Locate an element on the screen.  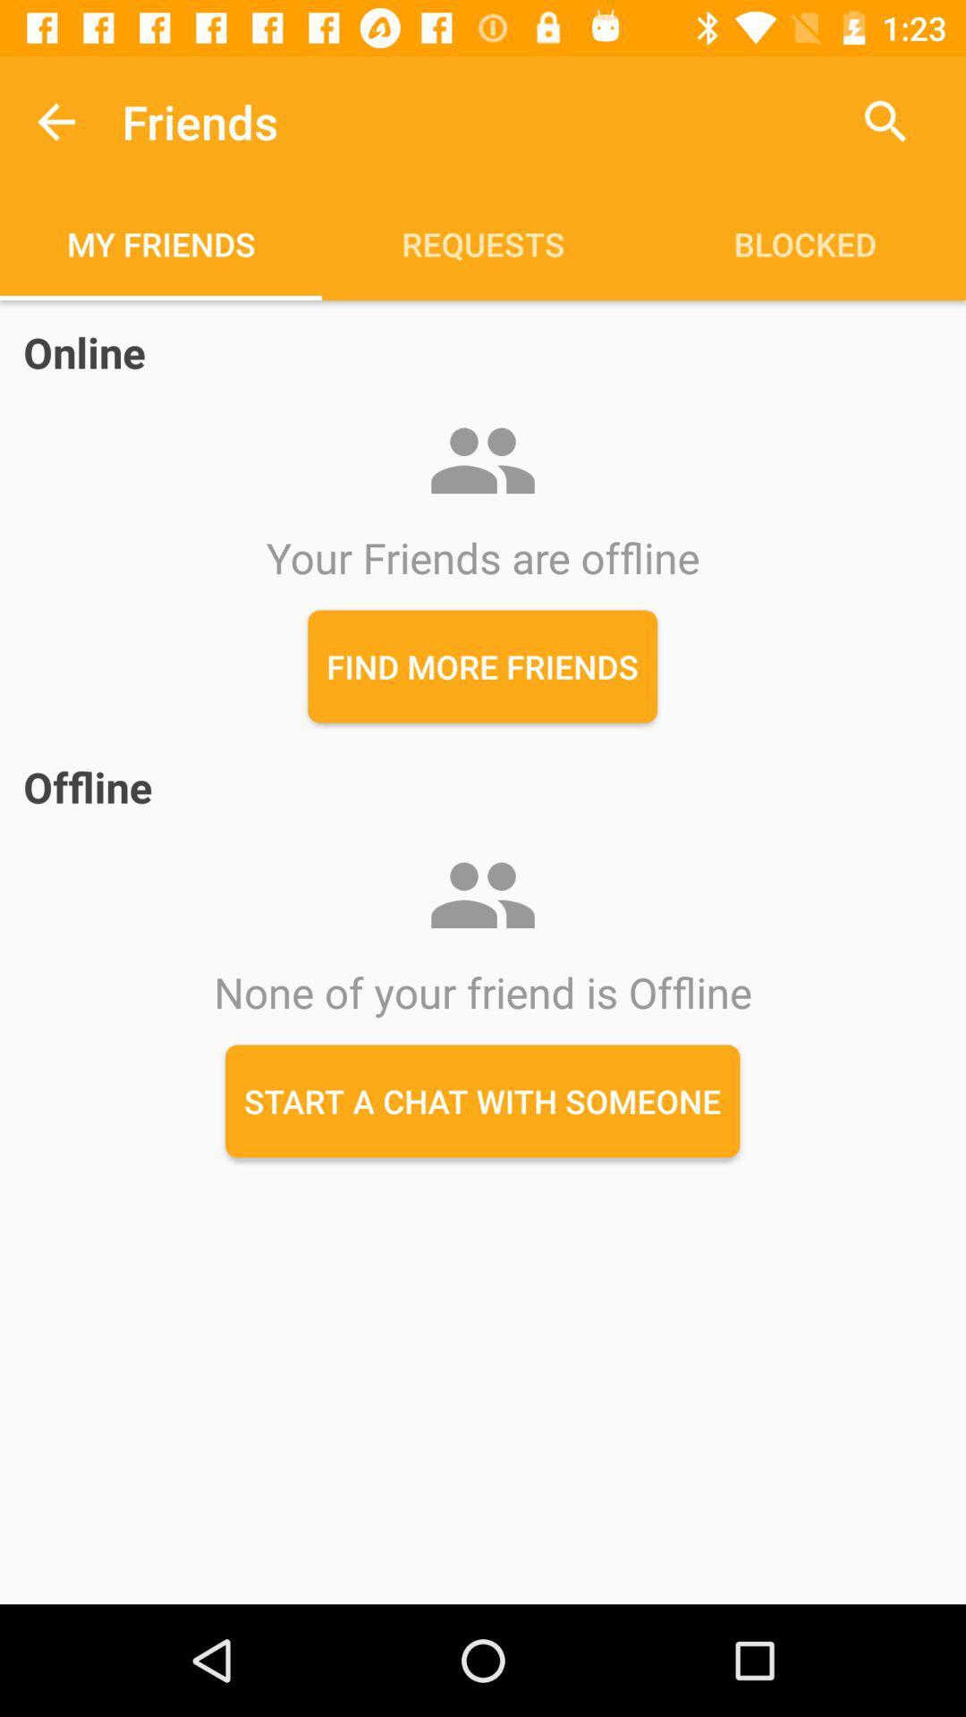
icon above the my friends item is located at coordinates (55, 121).